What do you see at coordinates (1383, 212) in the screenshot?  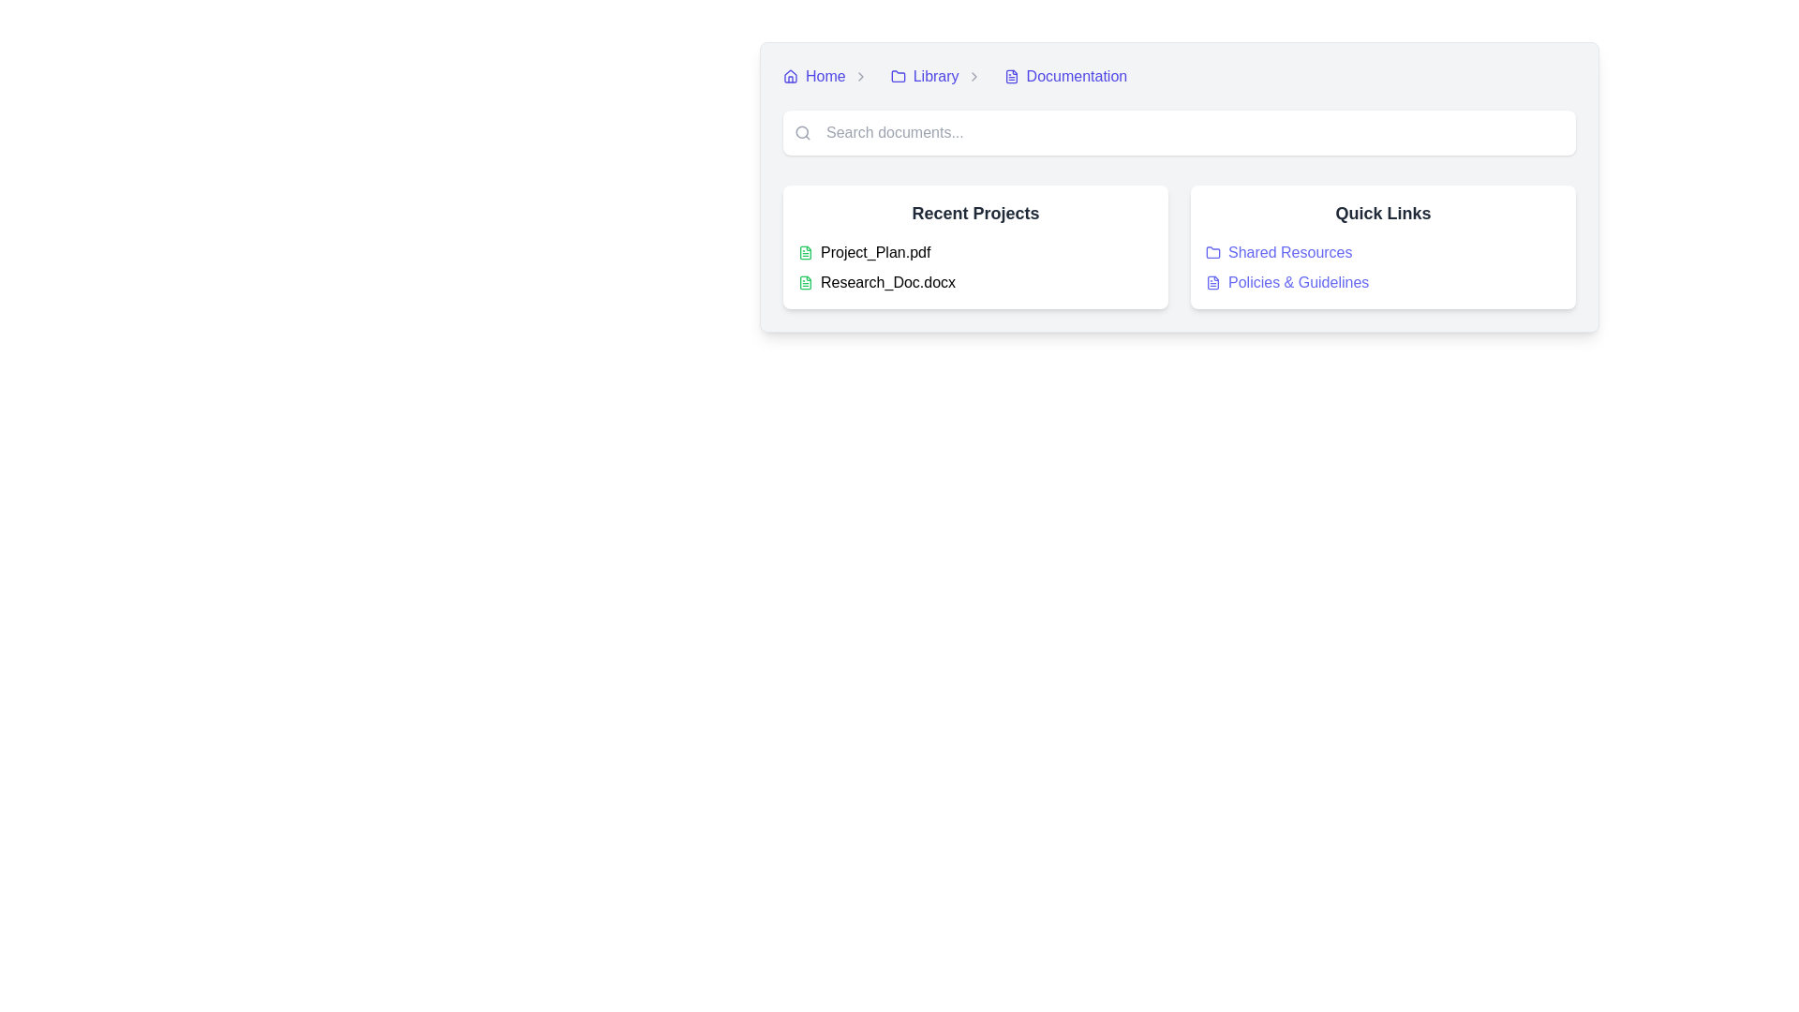 I see `the 'Quick Links' text label located near the top-right corner above the links 'Shared Resources' and 'Policies & Guidelines'` at bounding box center [1383, 212].